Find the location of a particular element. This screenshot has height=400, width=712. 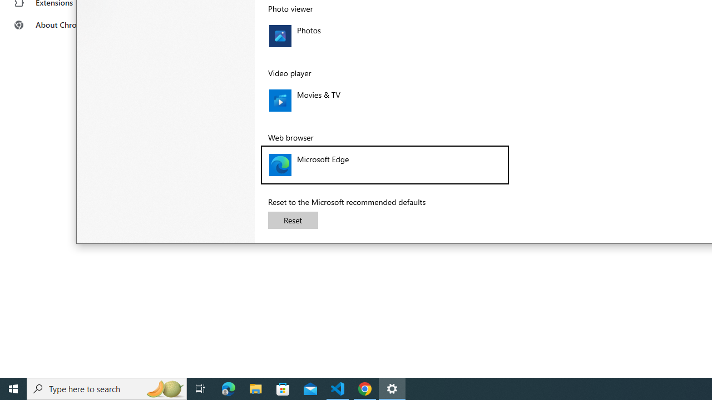

'Visual Studio Code - 1 running window' is located at coordinates (337, 388).